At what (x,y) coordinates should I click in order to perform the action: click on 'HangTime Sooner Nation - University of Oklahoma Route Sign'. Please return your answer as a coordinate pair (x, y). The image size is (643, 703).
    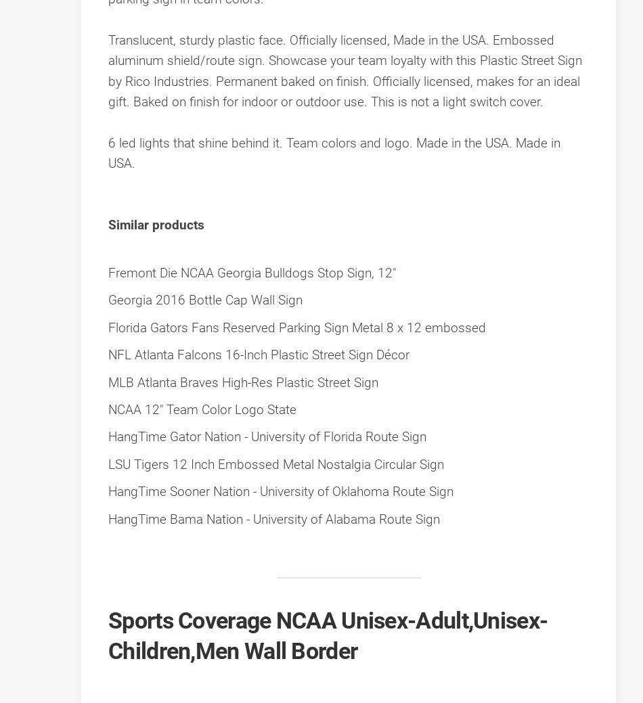
    Looking at the image, I should click on (108, 491).